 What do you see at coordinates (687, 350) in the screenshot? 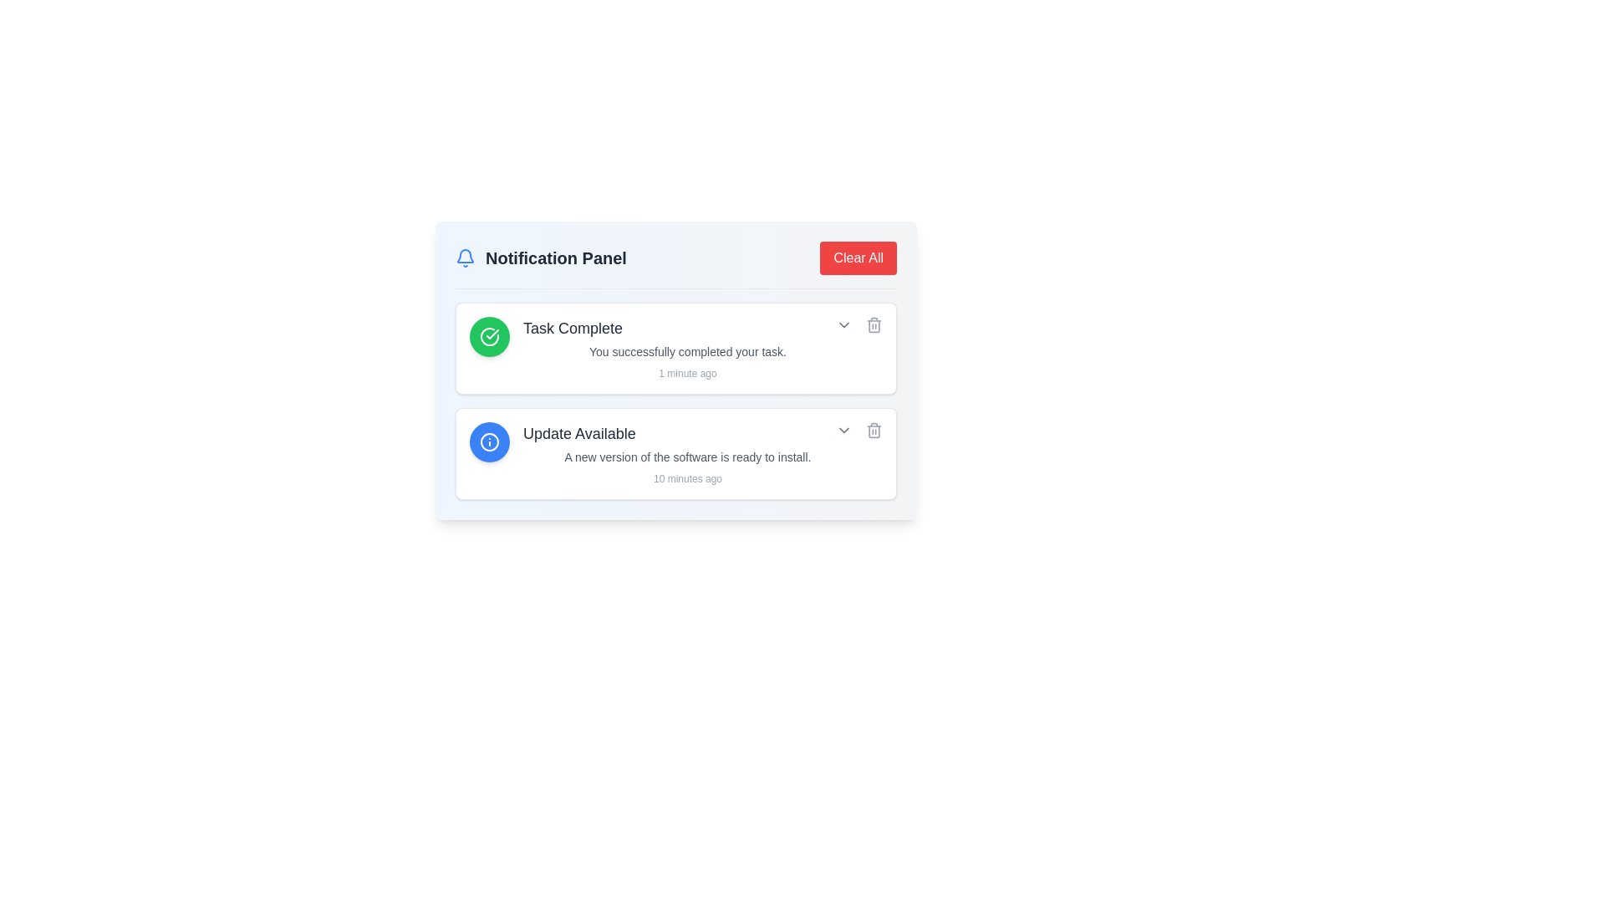
I see `the text label displaying the message 'You successfully completed your task.' which is located beneath the main title 'Task Complete' within the notification card in the Notification Panel` at bounding box center [687, 350].